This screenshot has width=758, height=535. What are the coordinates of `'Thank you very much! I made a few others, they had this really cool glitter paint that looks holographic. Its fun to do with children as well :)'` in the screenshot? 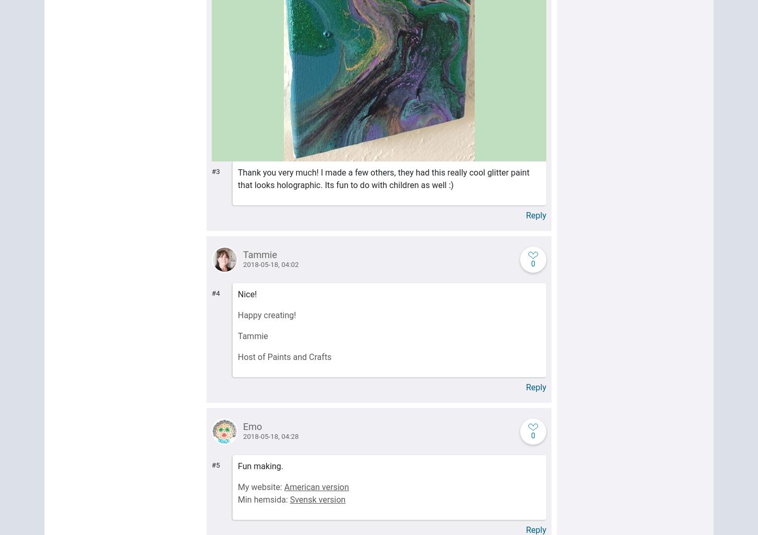 It's located at (237, 178).